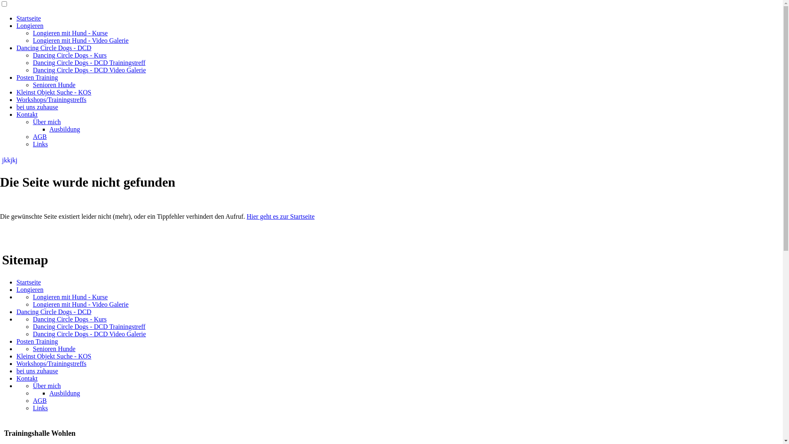  What do you see at coordinates (16, 312) in the screenshot?
I see `'Dancing Circle Dogs - DCD'` at bounding box center [16, 312].